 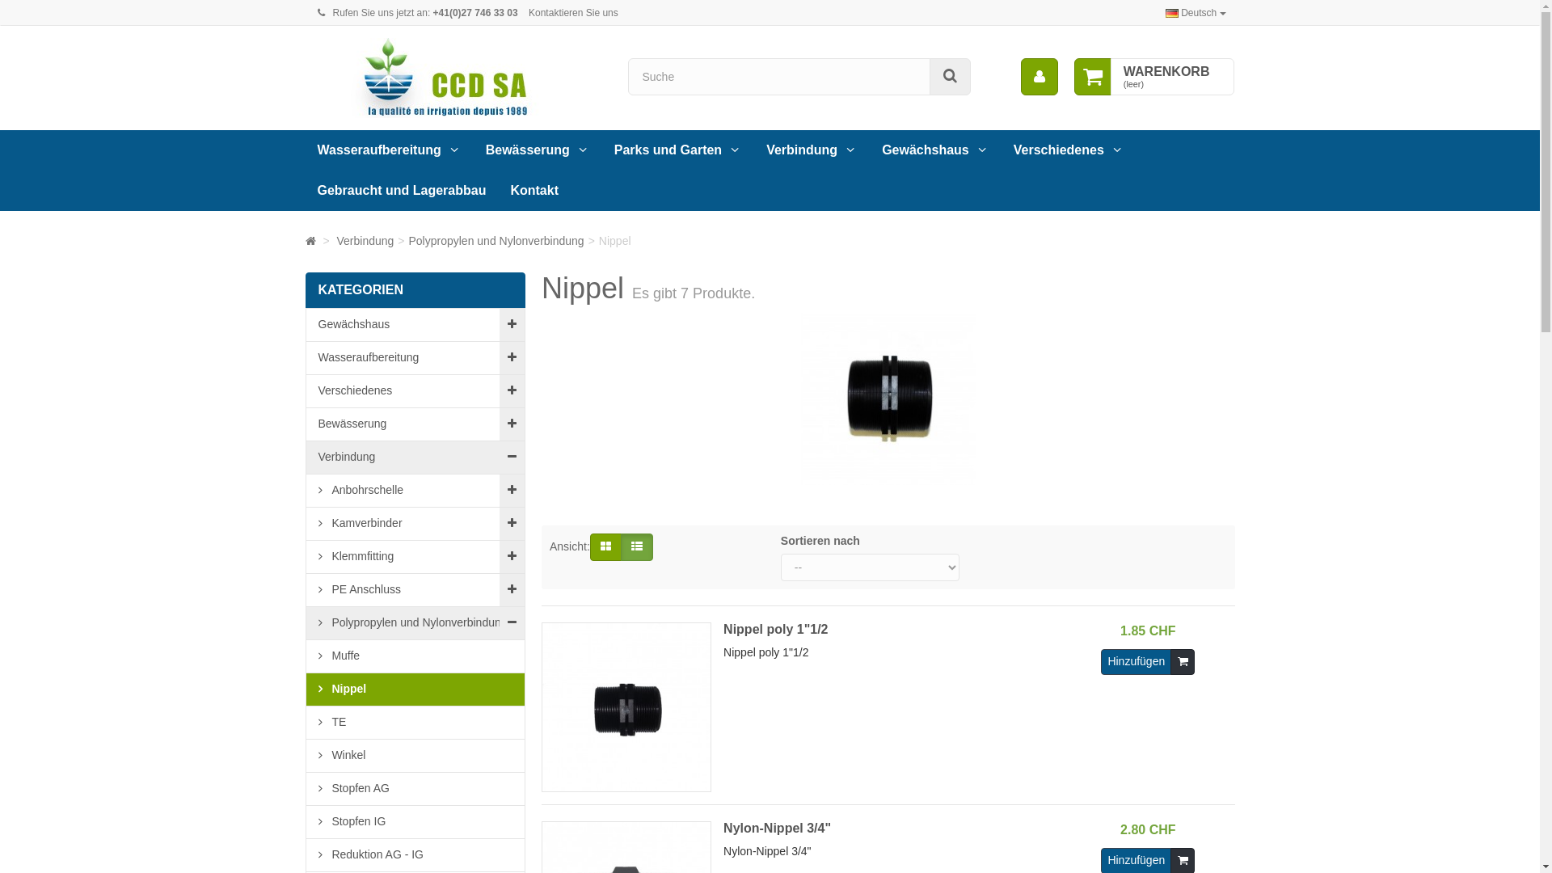 What do you see at coordinates (415, 821) in the screenshot?
I see `'Stopfen IG'` at bounding box center [415, 821].